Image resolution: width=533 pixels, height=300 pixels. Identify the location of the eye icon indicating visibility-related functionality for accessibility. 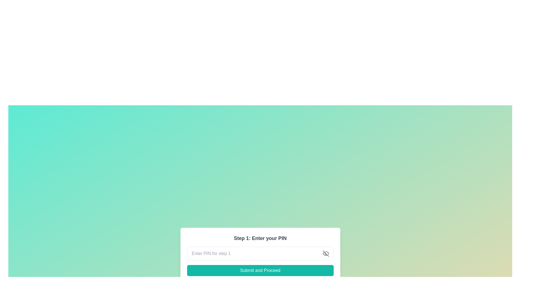
(325, 254).